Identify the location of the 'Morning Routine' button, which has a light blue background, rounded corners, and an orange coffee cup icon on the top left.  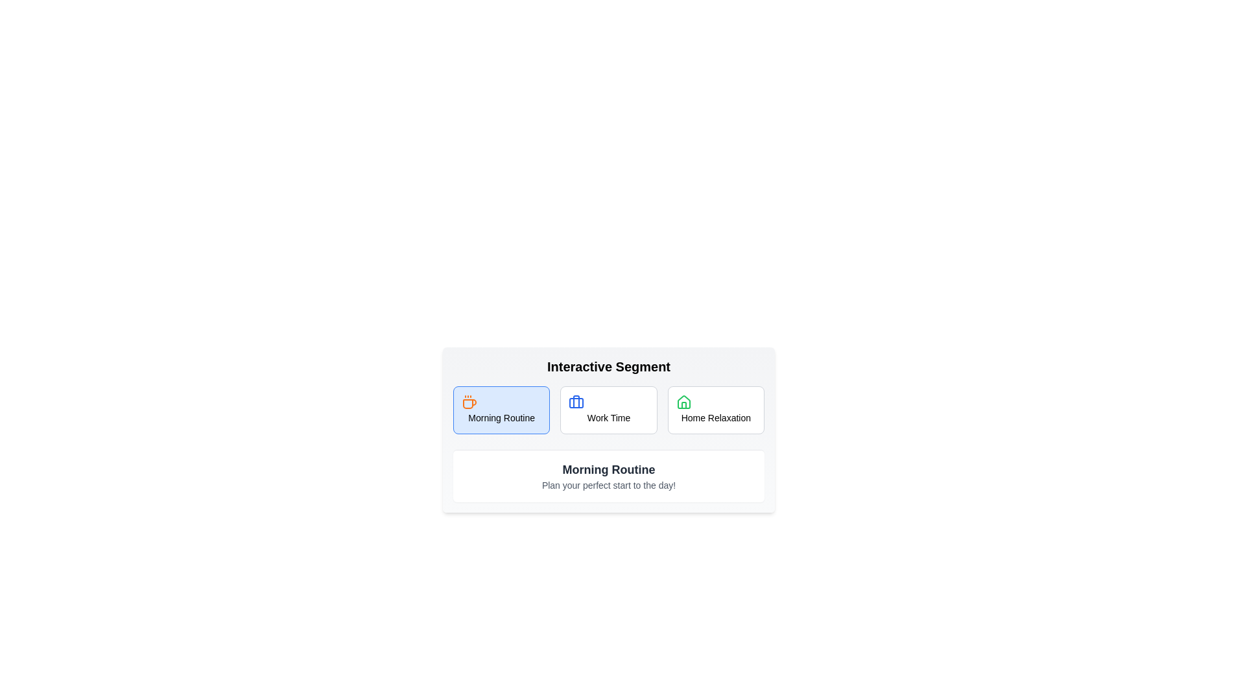
(501, 410).